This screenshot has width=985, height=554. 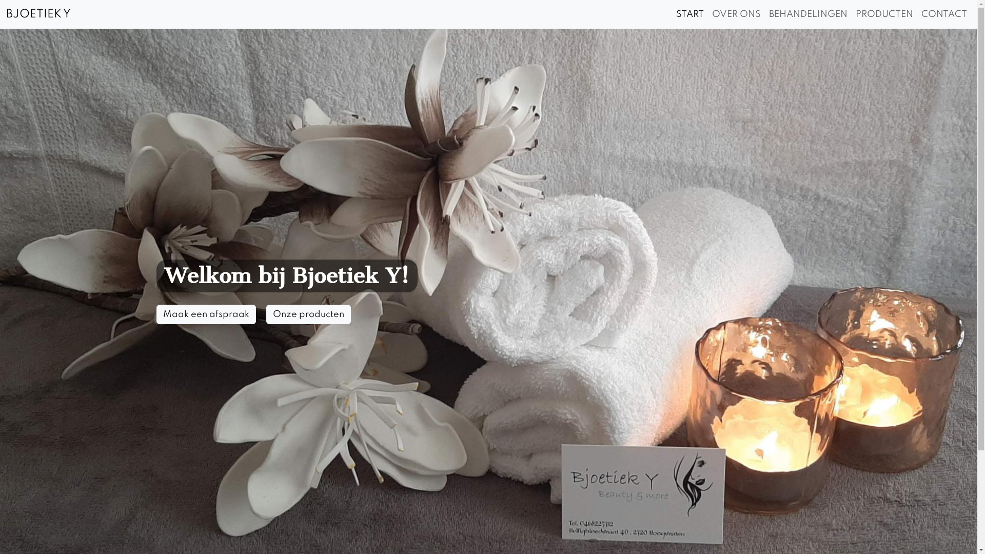 What do you see at coordinates (707, 14) in the screenshot?
I see `'OVER ONS'` at bounding box center [707, 14].